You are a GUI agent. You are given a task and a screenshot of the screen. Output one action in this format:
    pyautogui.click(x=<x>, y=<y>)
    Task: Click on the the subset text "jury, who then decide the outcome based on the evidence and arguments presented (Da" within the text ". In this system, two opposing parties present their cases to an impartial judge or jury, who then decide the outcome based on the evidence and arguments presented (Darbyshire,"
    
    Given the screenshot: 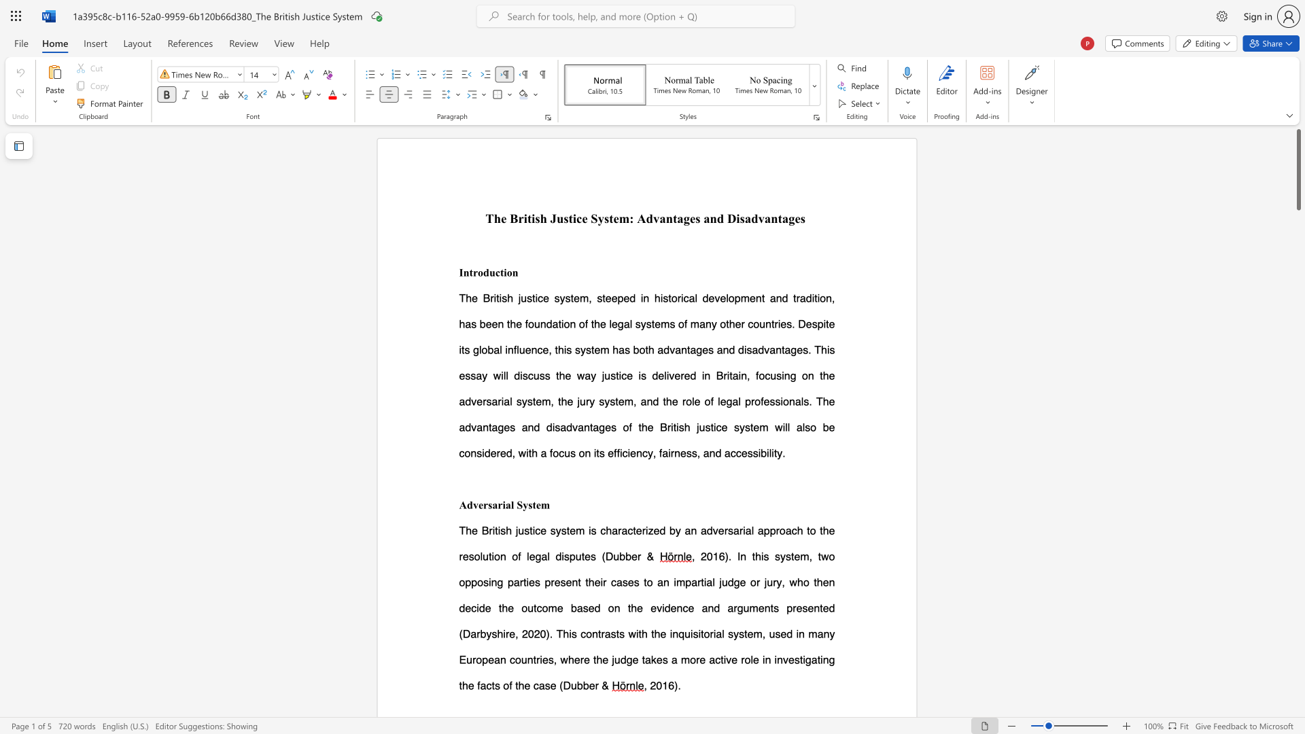 What is the action you would take?
    pyautogui.click(x=764, y=581)
    